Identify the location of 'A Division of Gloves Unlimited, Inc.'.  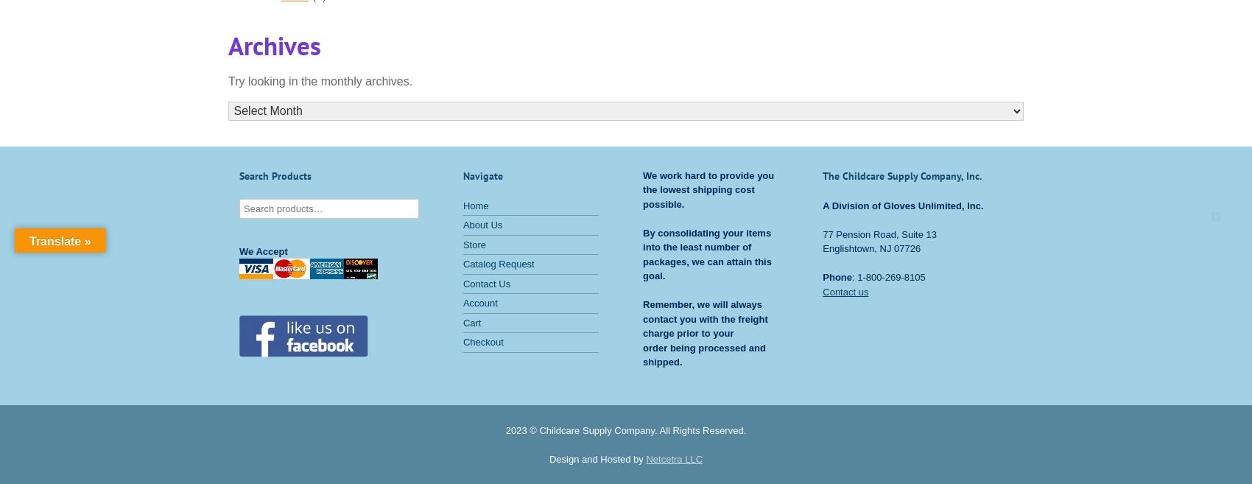
(823, 204).